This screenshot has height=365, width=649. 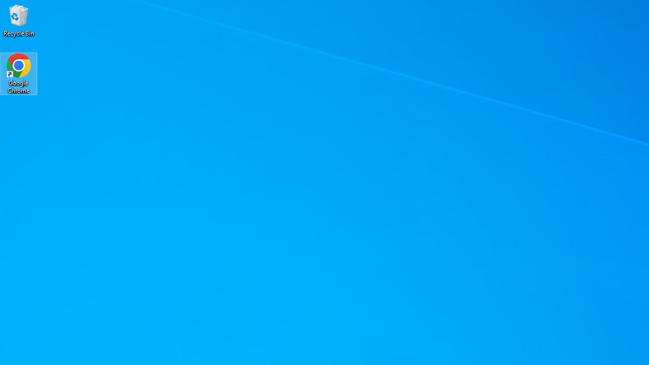 I want to click on 'Recycle Bin', so click(x=19, y=20).